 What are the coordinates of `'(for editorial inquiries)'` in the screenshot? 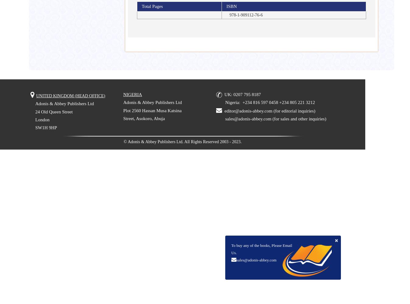 It's located at (293, 110).